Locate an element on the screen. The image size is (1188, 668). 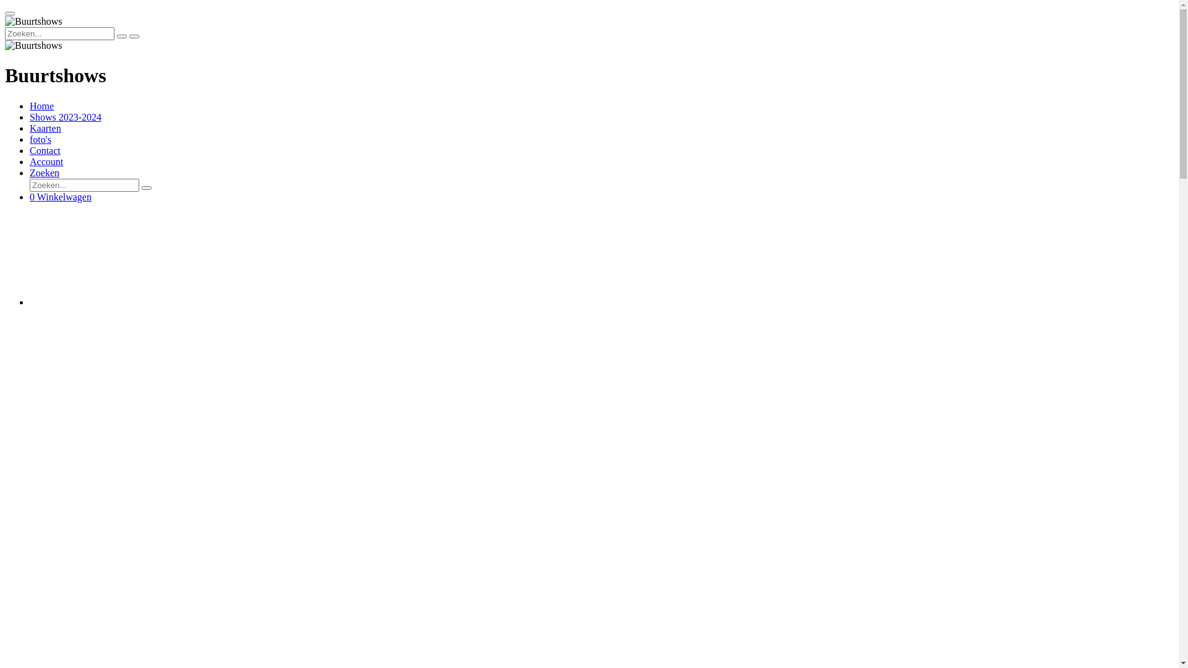
'foto's' is located at coordinates (40, 139).